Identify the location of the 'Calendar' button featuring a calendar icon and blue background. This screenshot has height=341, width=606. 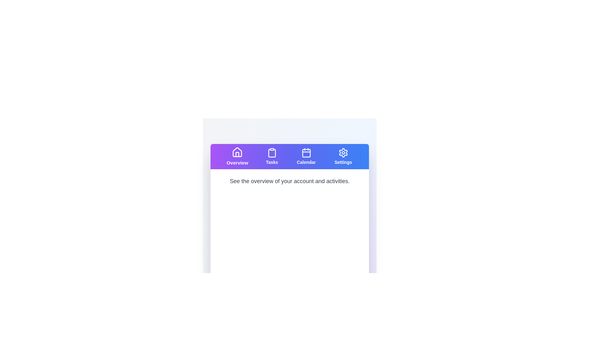
(306, 156).